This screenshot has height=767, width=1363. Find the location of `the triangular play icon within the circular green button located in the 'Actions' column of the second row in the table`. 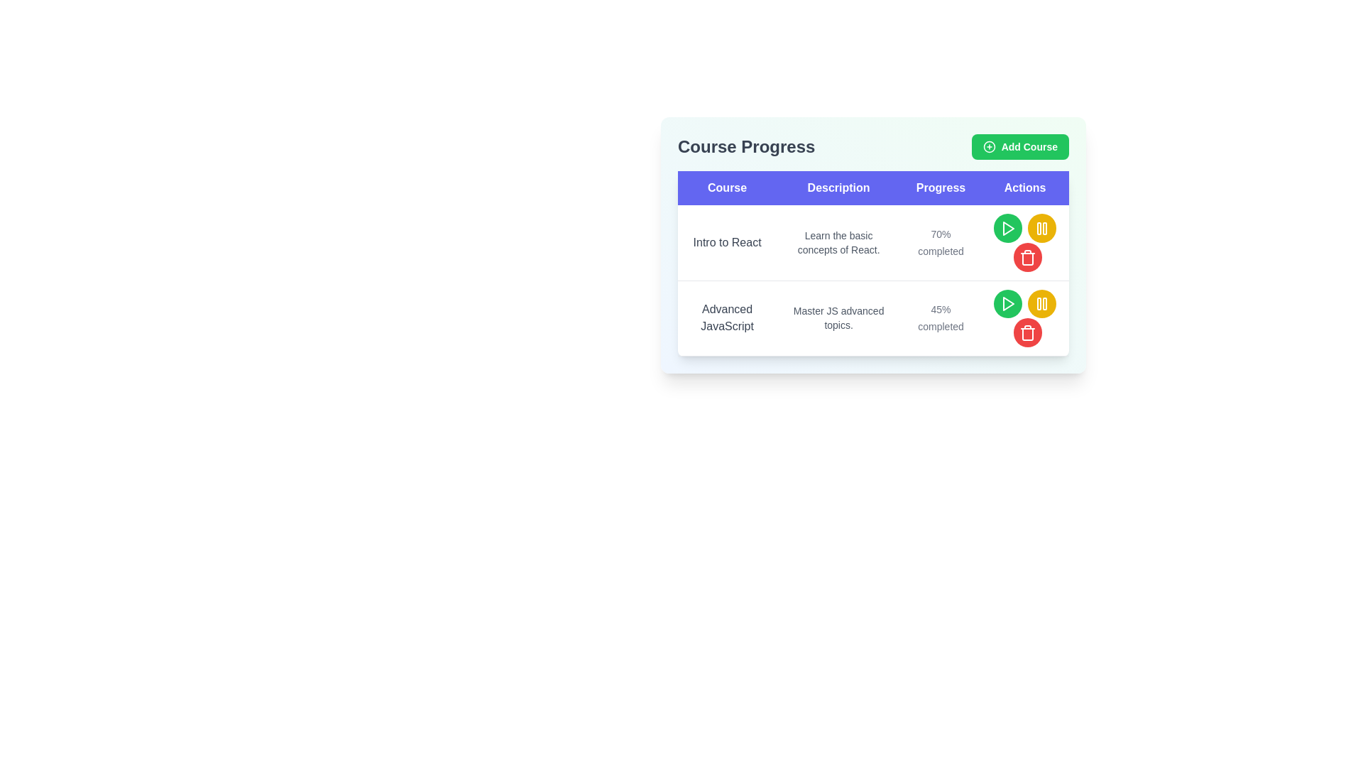

the triangular play icon within the circular green button located in the 'Actions' column of the second row in the table is located at coordinates (1007, 303).